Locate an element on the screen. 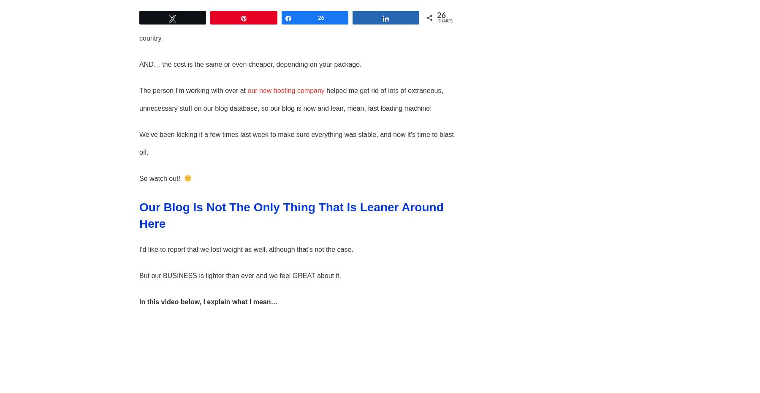 This screenshot has height=393, width=760. 'our new hosting company' is located at coordinates (285, 90).